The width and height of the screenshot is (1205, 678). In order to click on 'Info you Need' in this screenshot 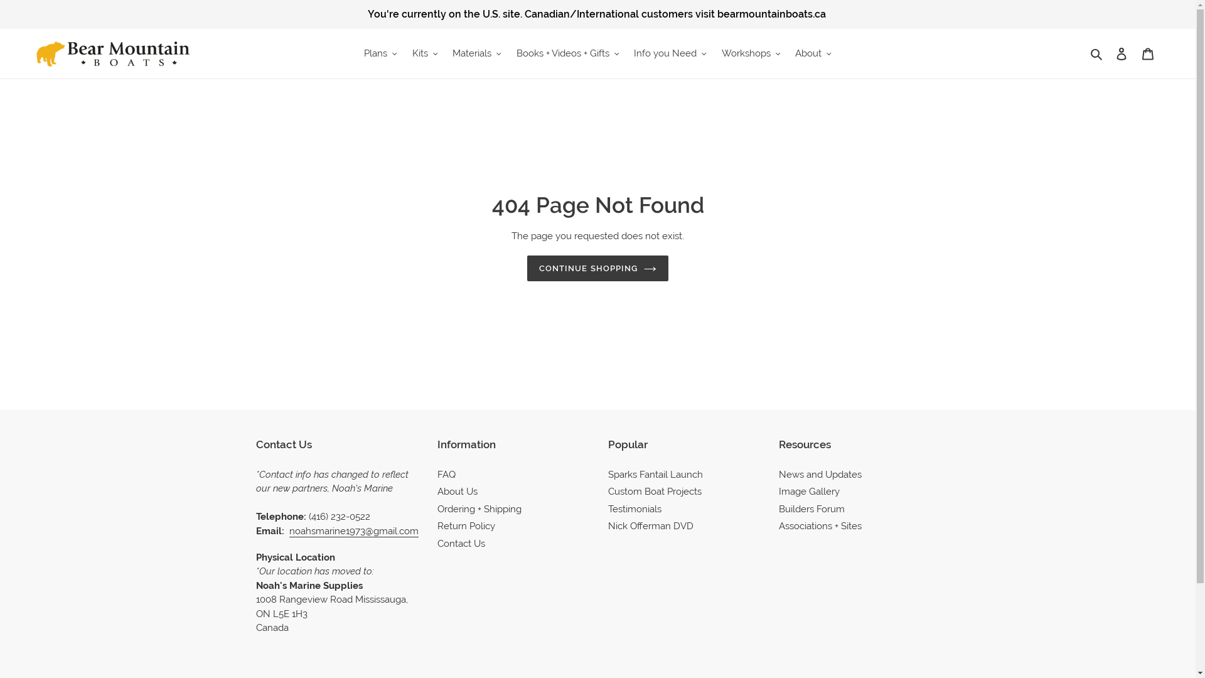, I will do `click(670, 53)`.